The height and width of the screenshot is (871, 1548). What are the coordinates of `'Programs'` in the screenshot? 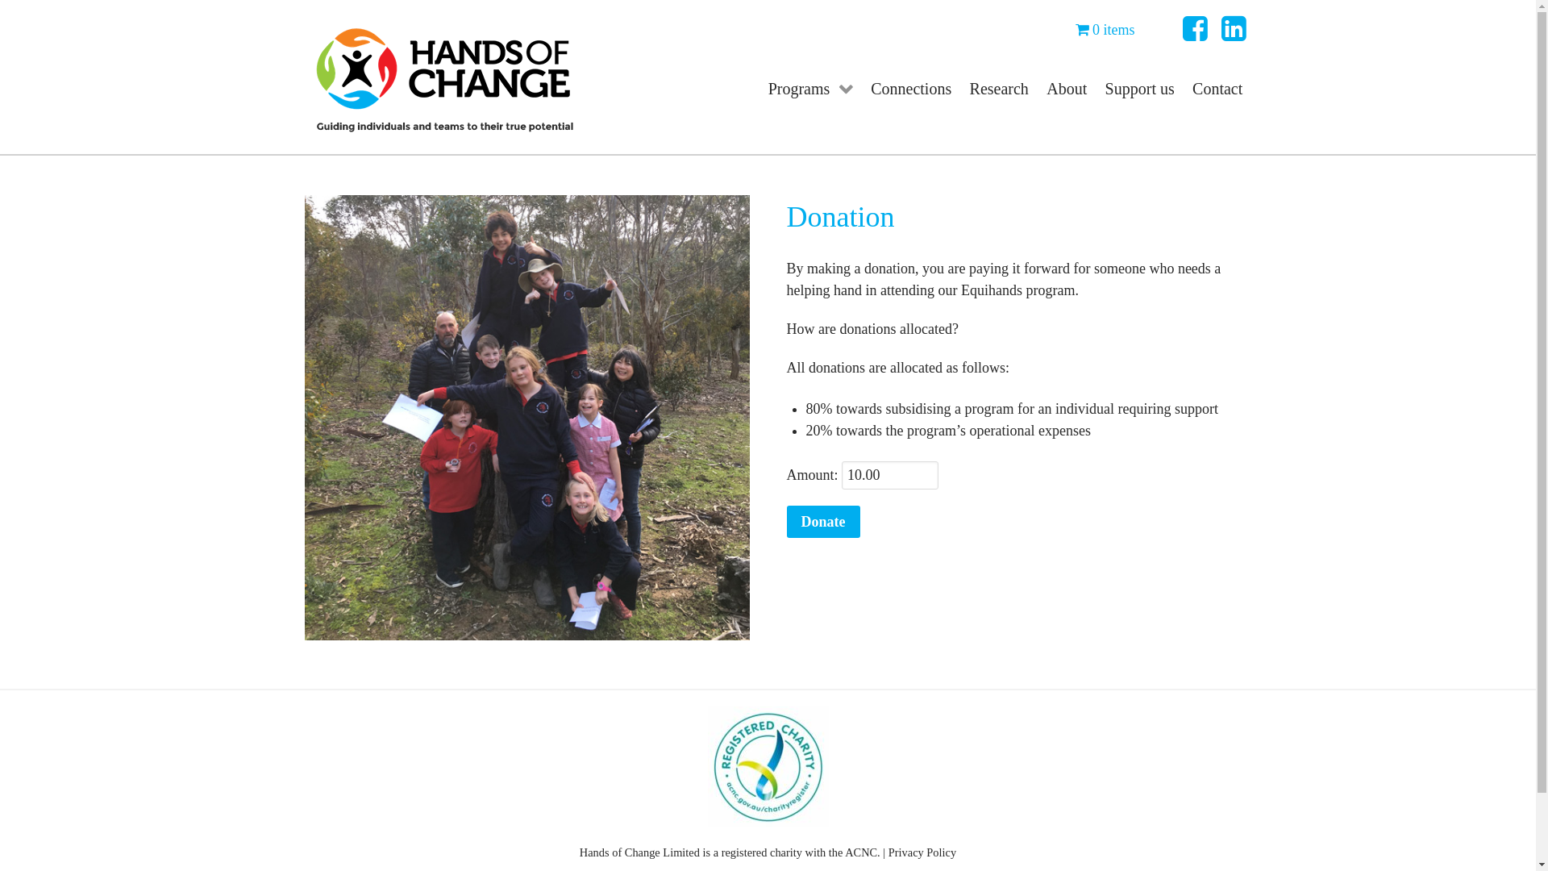 It's located at (809, 87).